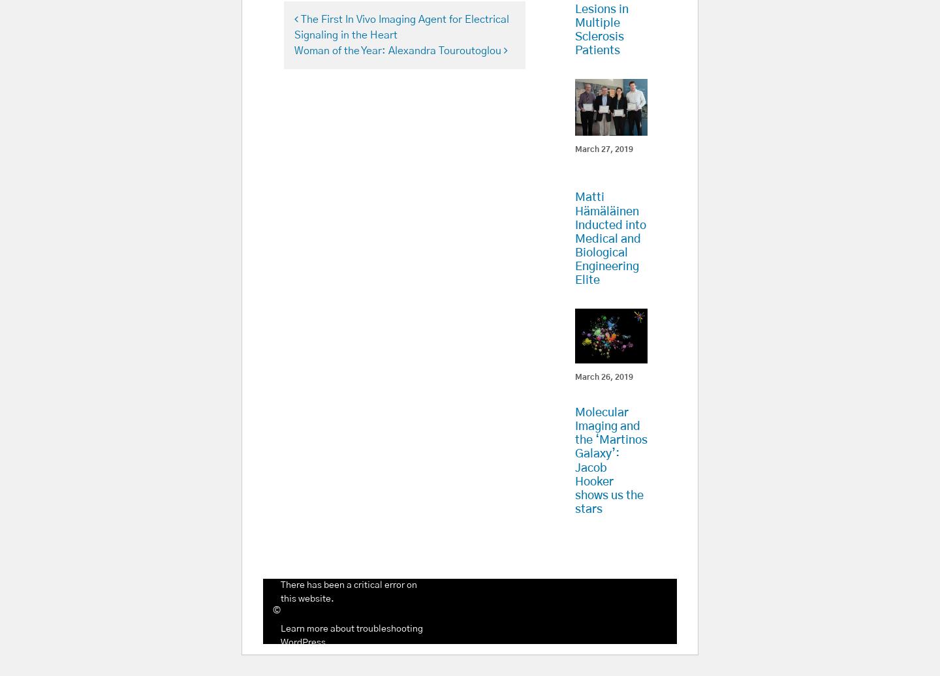 This screenshot has width=940, height=676. I want to click on 'Matti Hämäläinen Inducted into Medical and Biological Engineering Elite', so click(610, 239).